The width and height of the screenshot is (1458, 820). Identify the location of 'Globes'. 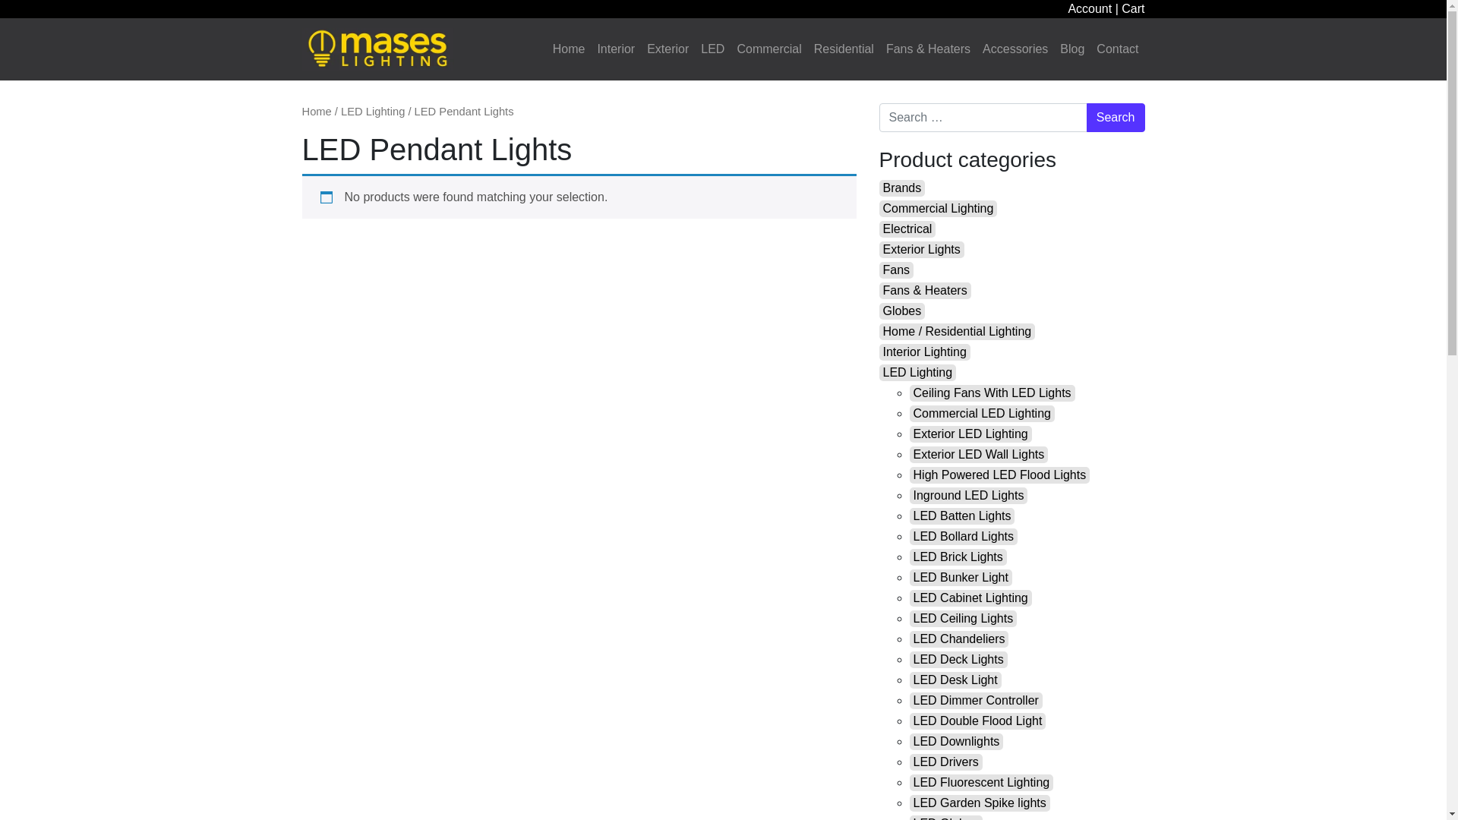
(879, 310).